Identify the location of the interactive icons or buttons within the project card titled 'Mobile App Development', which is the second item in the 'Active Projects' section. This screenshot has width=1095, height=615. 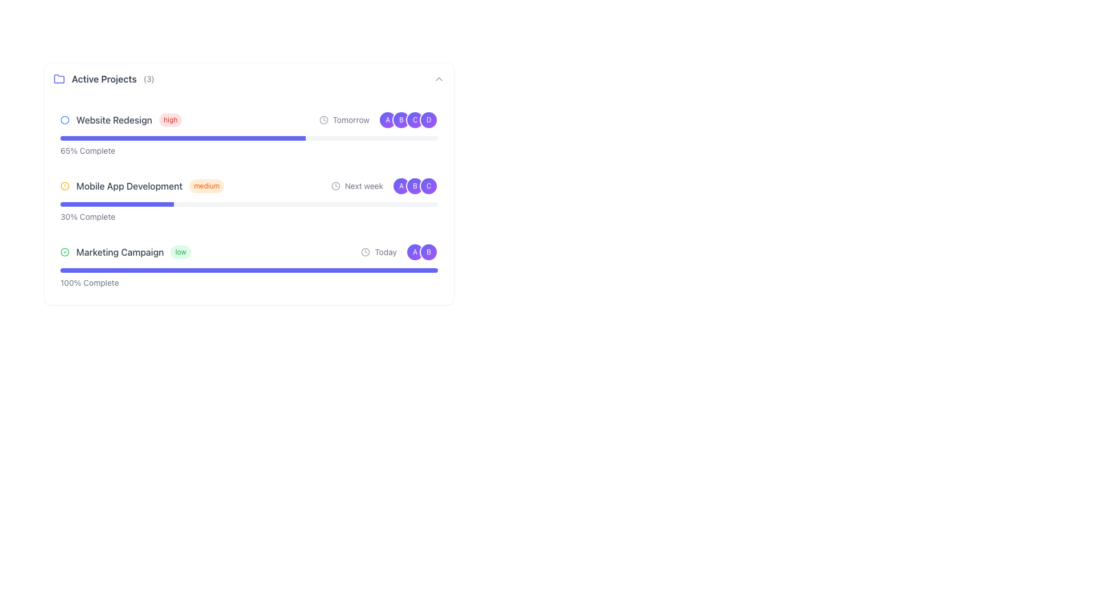
(248, 199).